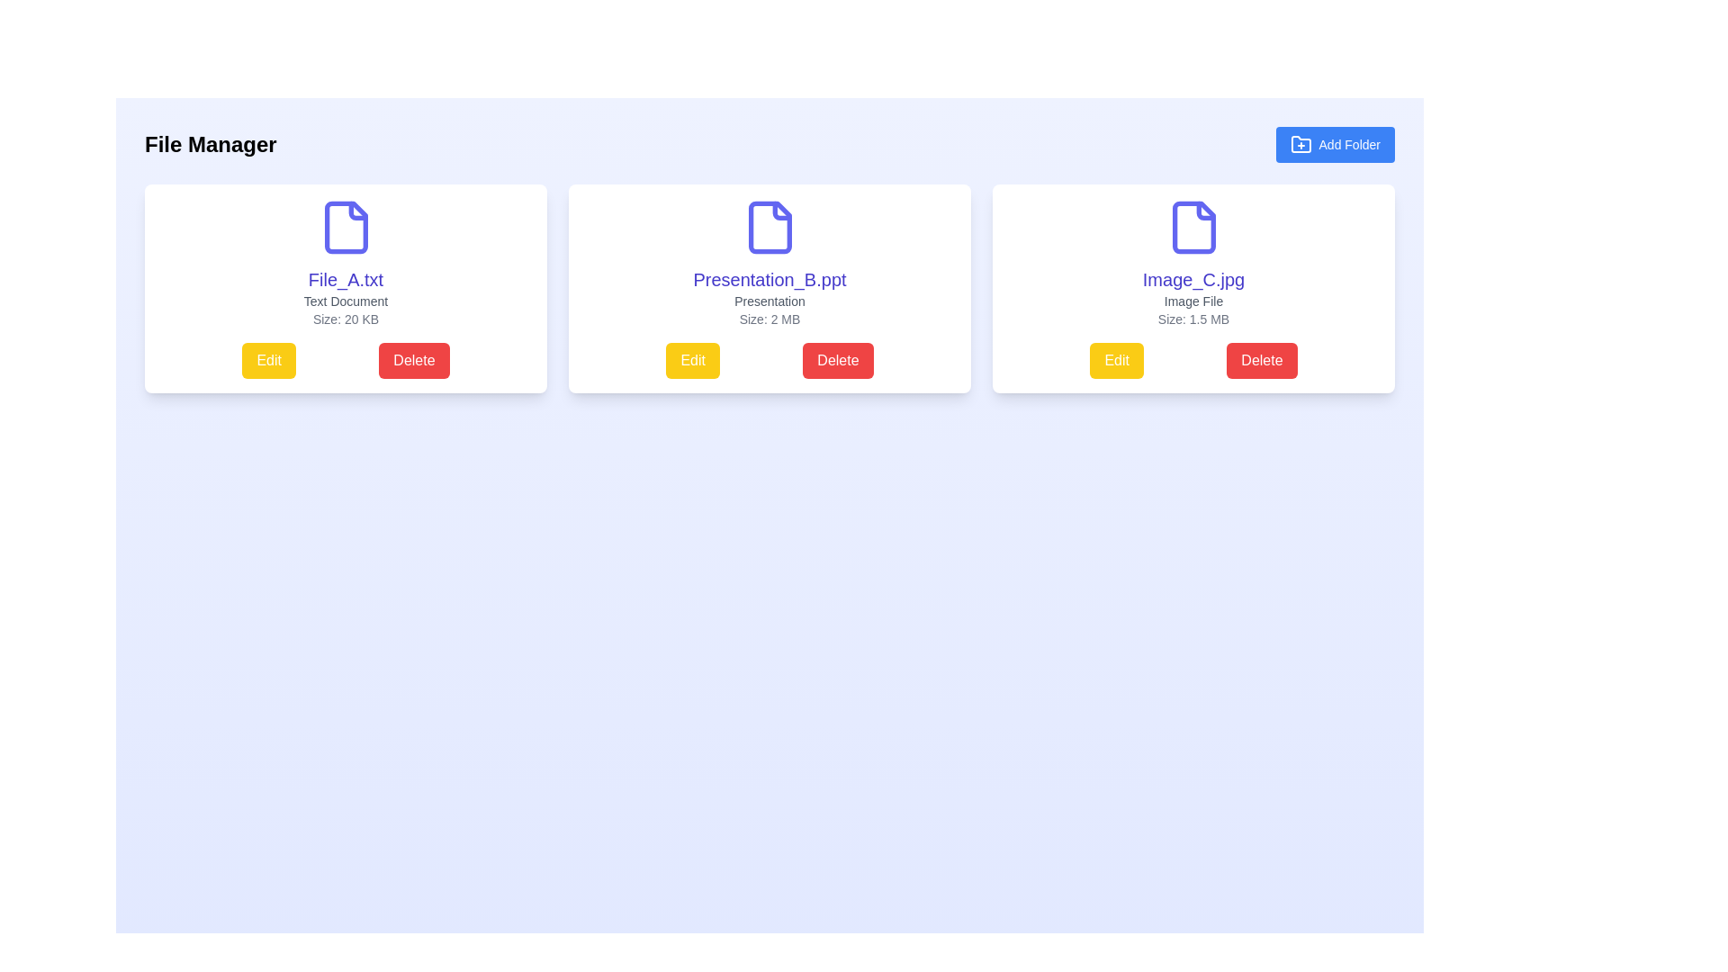 This screenshot has width=1728, height=972. What do you see at coordinates (1193, 227) in the screenshot?
I see `the clipart-like icon of a file with a folded corner in blue, located above the text 'Image_C.jpg'` at bounding box center [1193, 227].